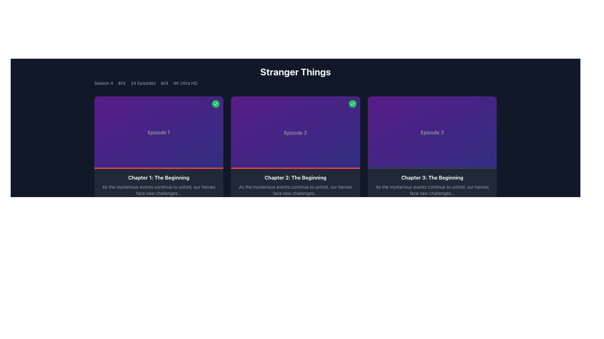 The image size is (604, 339). I want to click on the text 'Episode 1' on the first Card component, which features a gradient background and a green checkmark indicator, so click(159, 132).